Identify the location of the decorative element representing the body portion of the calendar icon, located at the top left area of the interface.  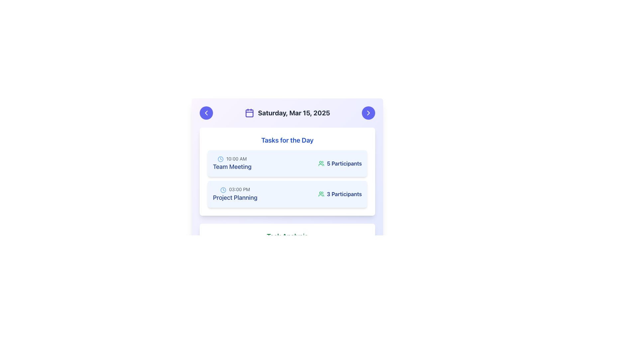
(249, 113).